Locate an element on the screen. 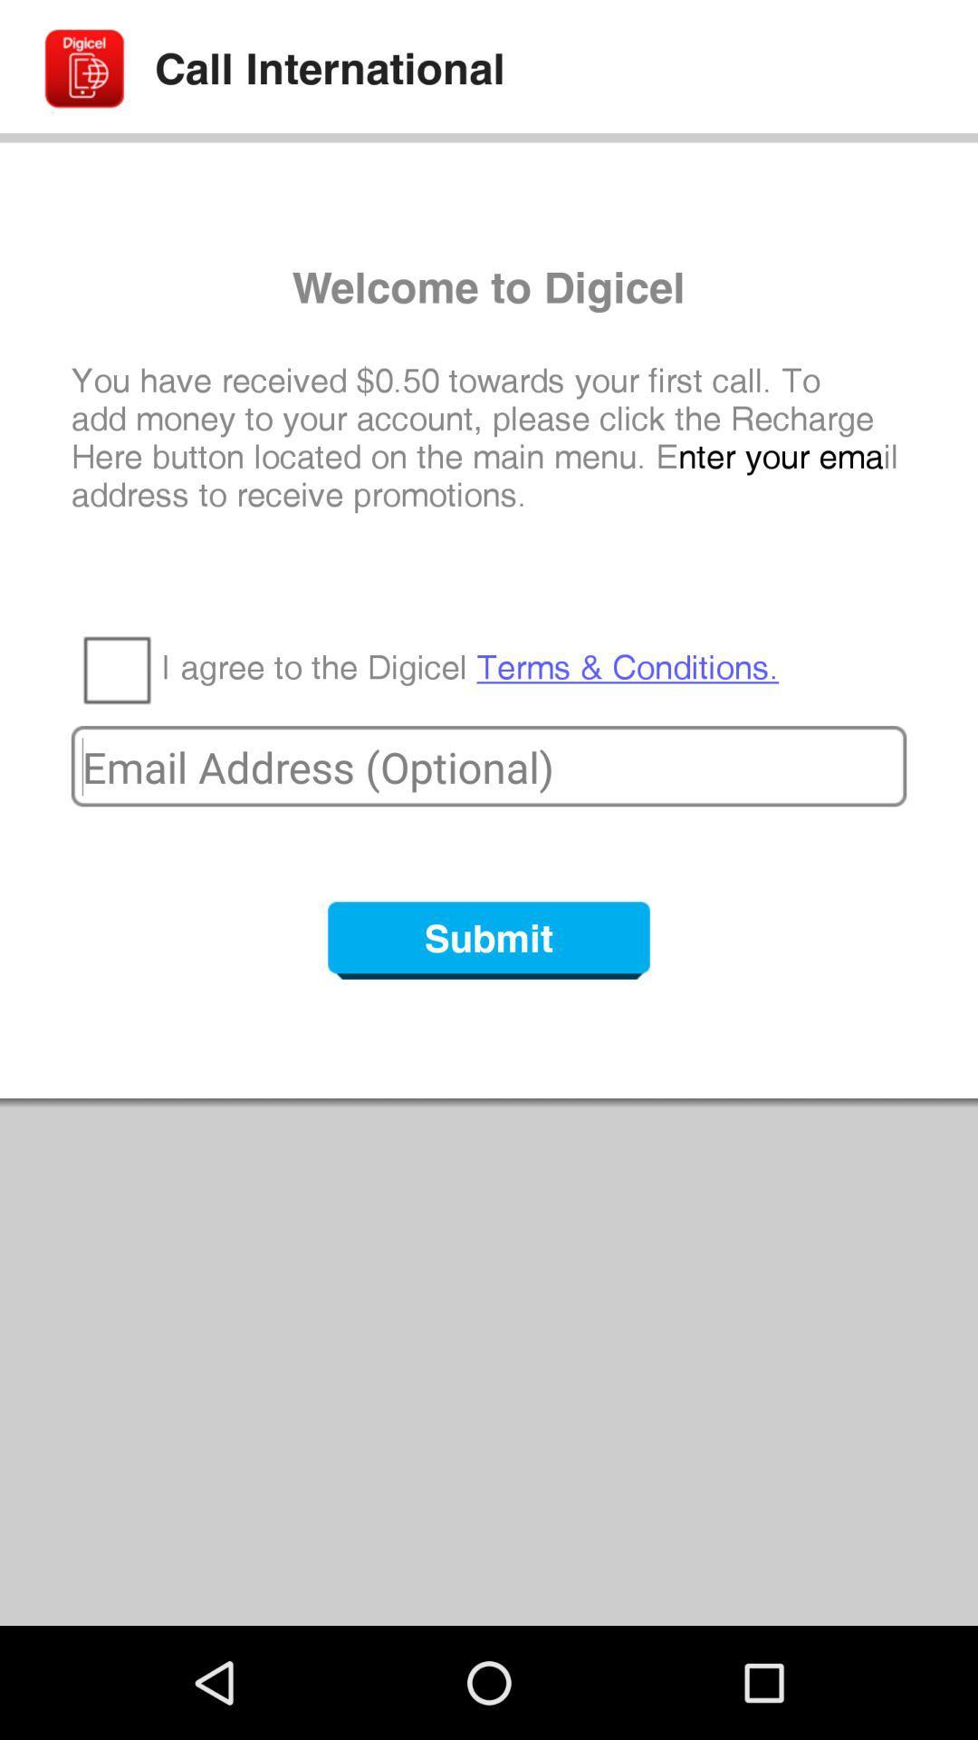 The height and width of the screenshot is (1740, 978). the app to the left of the i agree to item is located at coordinates (116, 668).